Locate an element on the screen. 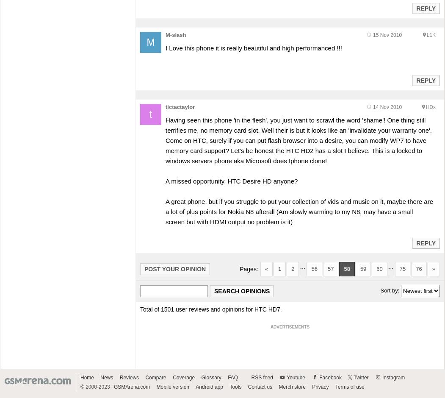 This screenshot has height=398, width=445. 'I Love this phone it is really beautiful and high performanced !!!' is located at coordinates (253, 47).